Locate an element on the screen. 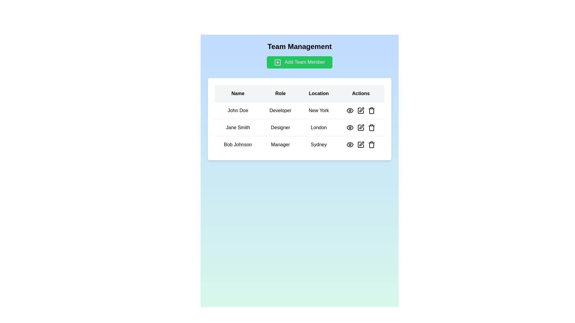  the text label displaying 'New York' associated with 'John Doe' in the team management table for potential interactions is located at coordinates (318, 110).